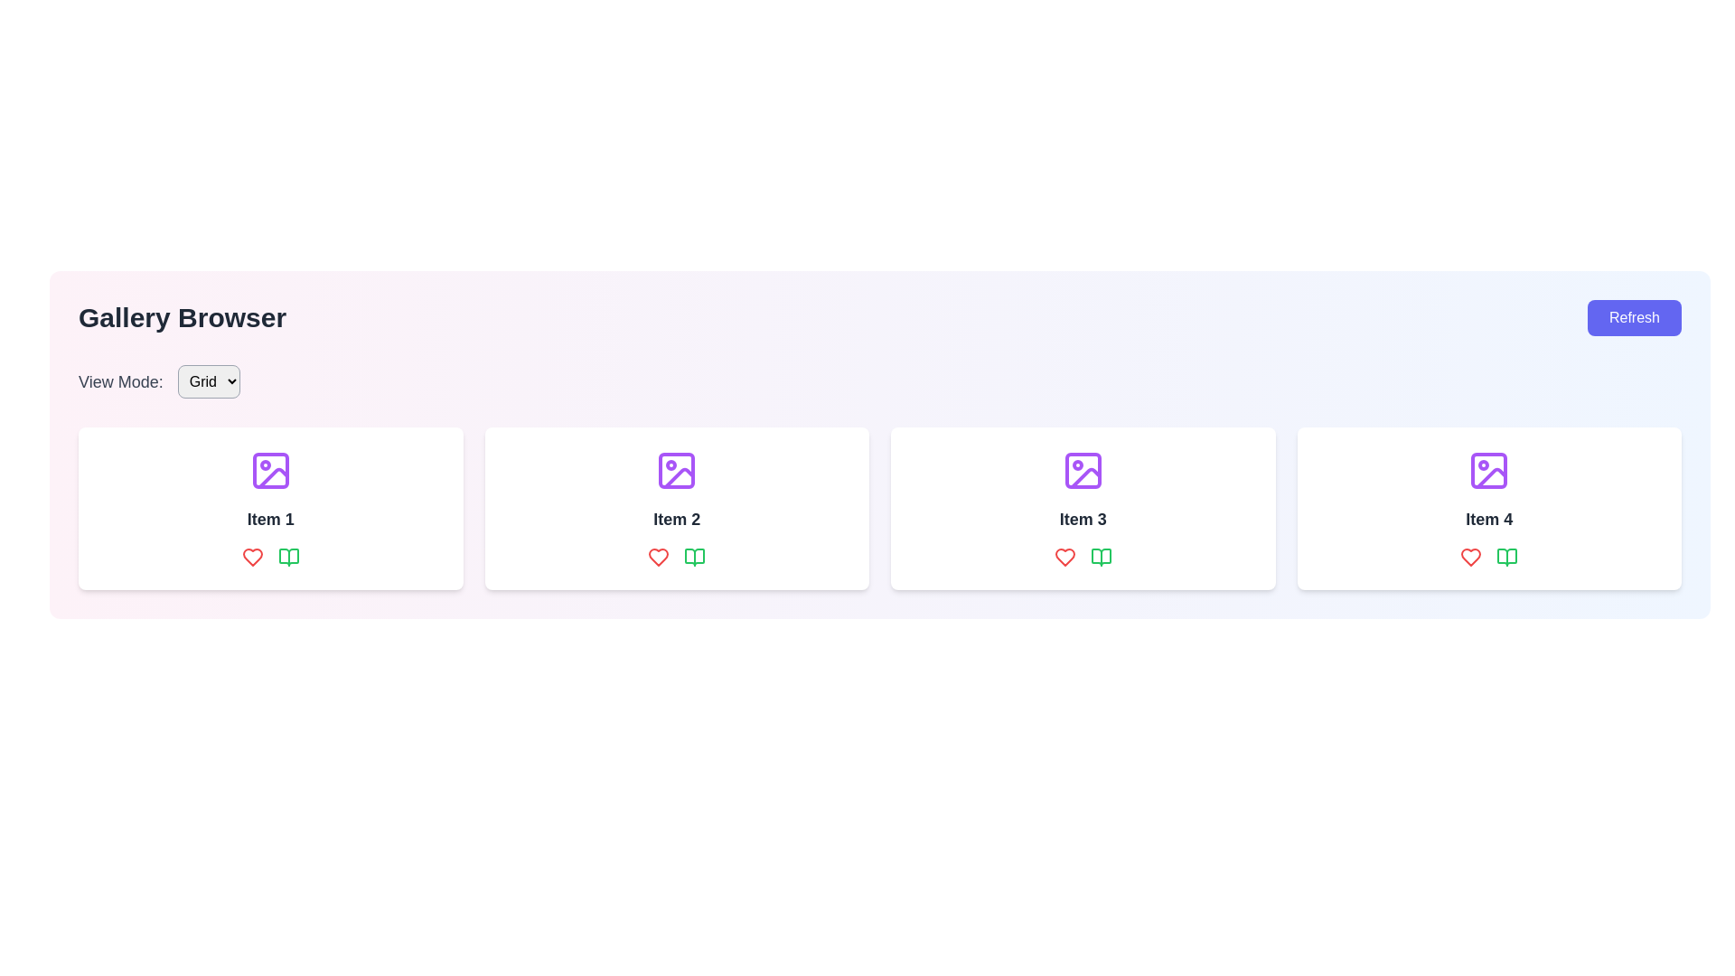 This screenshot has width=1735, height=976. What do you see at coordinates (269, 469) in the screenshot?
I see `the decorative icon located at the top of the first card titled 'Item 1' in the grid layout` at bounding box center [269, 469].